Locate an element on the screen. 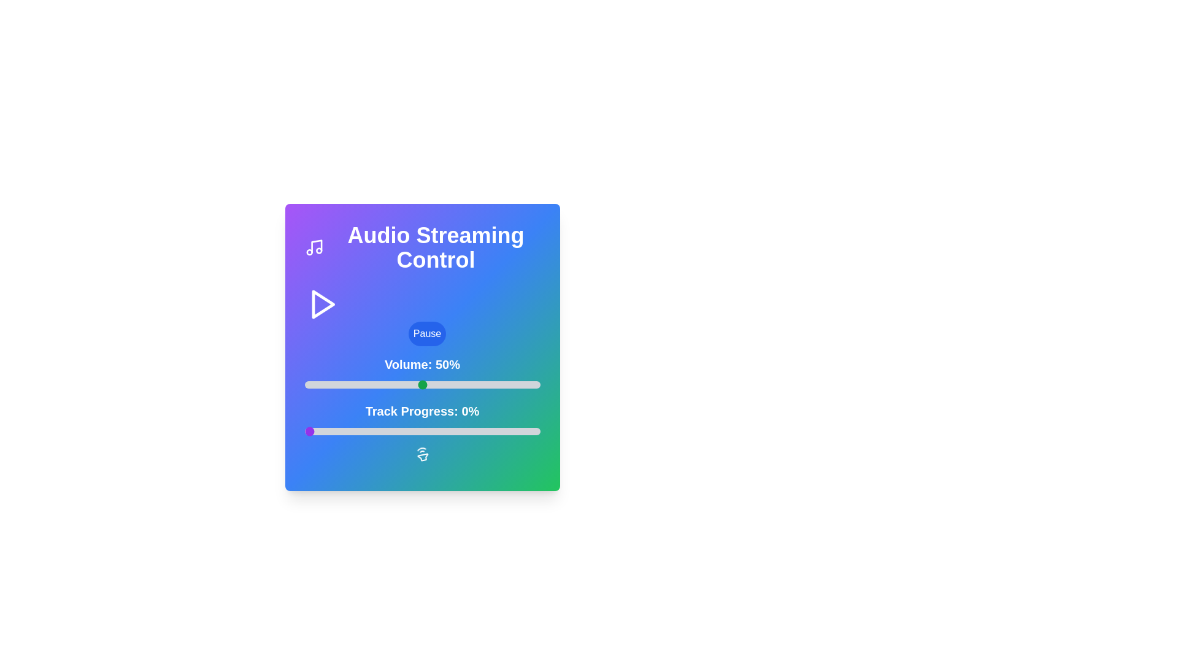 The width and height of the screenshot is (1178, 663). the track progress to 48% by interacting with the slider is located at coordinates (417, 430).